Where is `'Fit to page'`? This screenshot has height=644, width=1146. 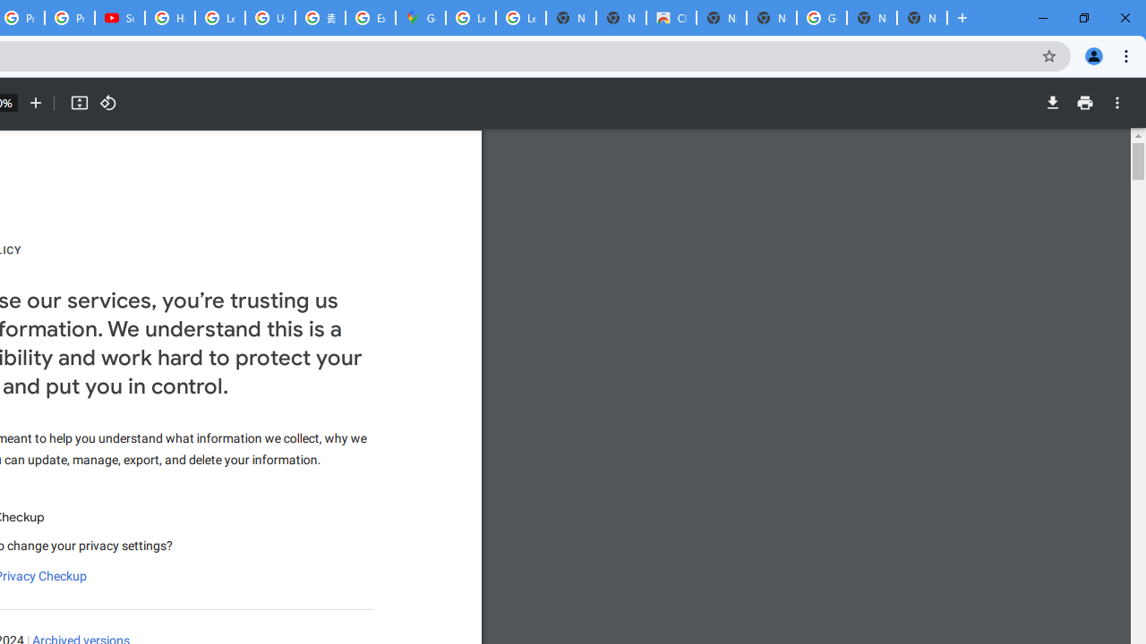
'Fit to page' is located at coordinates (78, 103).